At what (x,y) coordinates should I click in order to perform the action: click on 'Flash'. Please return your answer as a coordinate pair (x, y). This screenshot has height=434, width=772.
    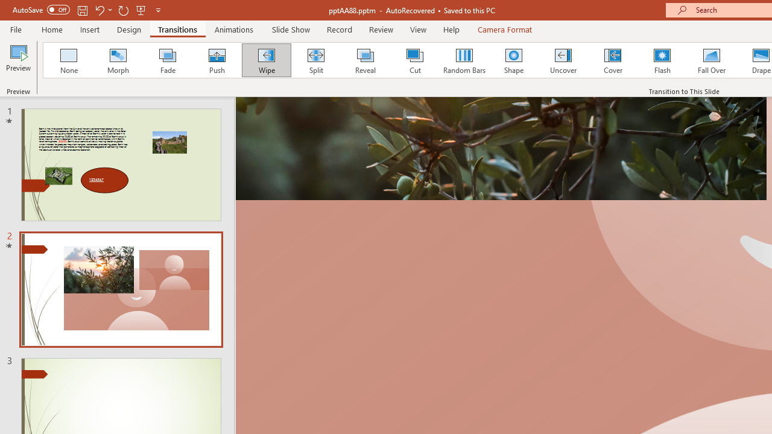
    Looking at the image, I should click on (662, 60).